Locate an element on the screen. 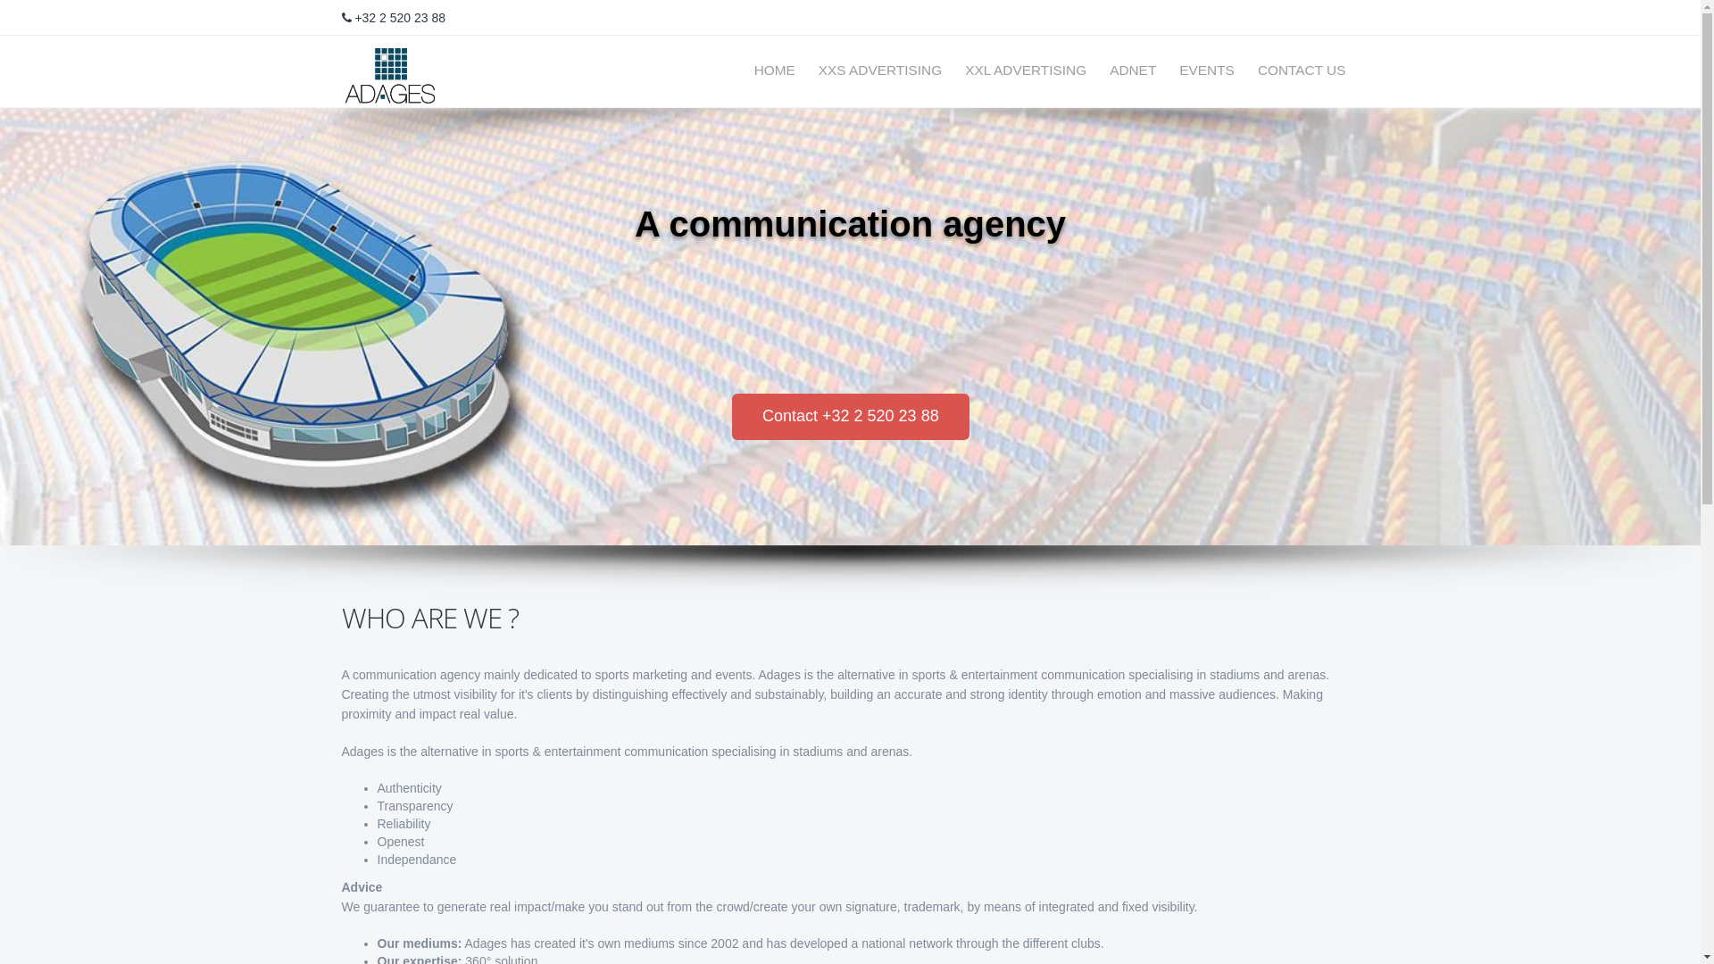 The image size is (1714, 964). 'XXL ADVERTISING' is located at coordinates (1025, 69).